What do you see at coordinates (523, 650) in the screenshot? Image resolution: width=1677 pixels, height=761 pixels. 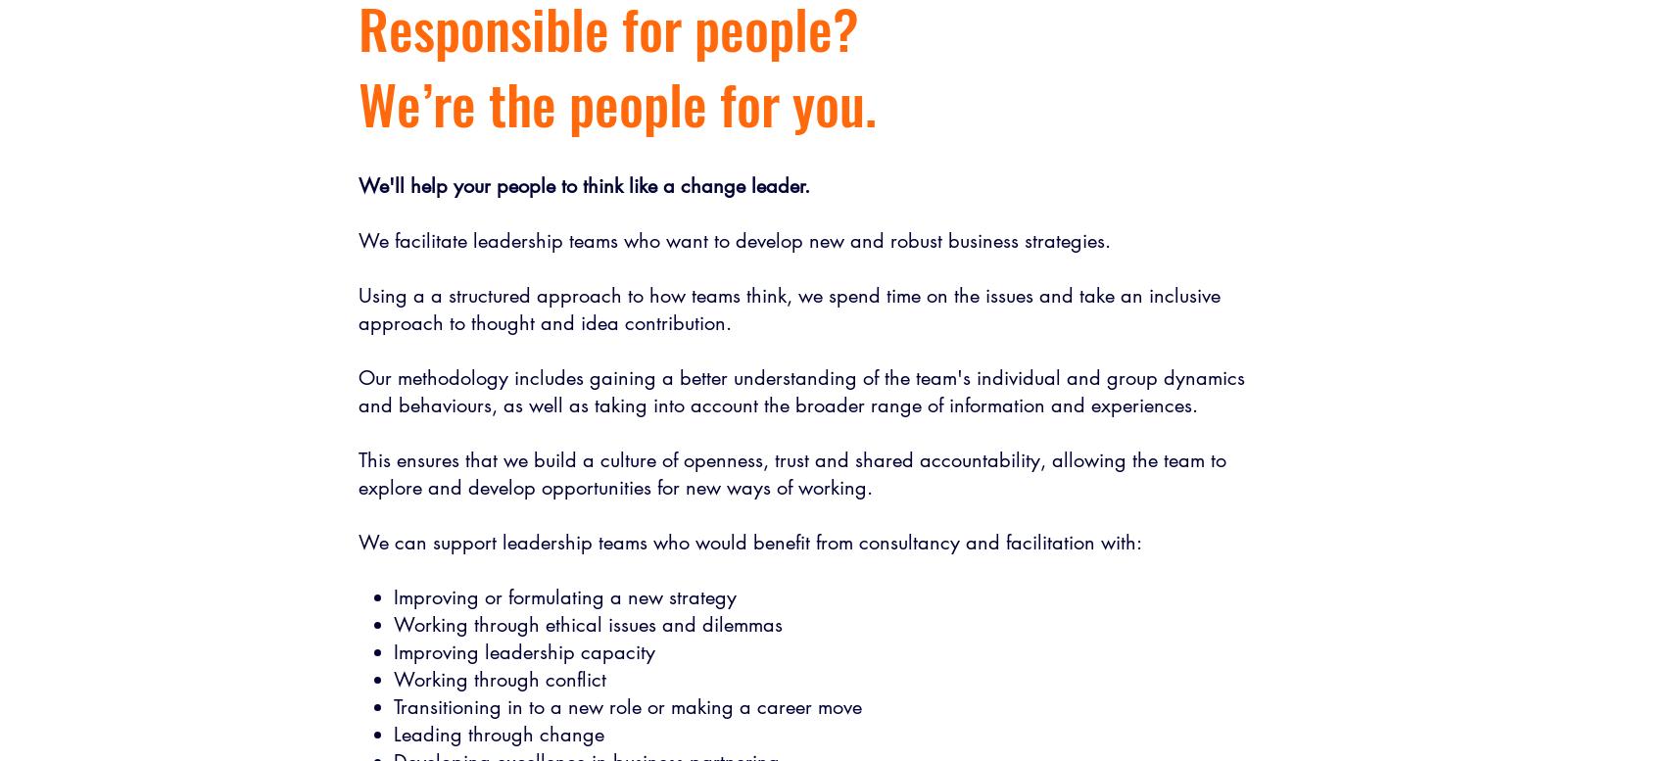 I see `'Improving leadership capacity'` at bounding box center [523, 650].